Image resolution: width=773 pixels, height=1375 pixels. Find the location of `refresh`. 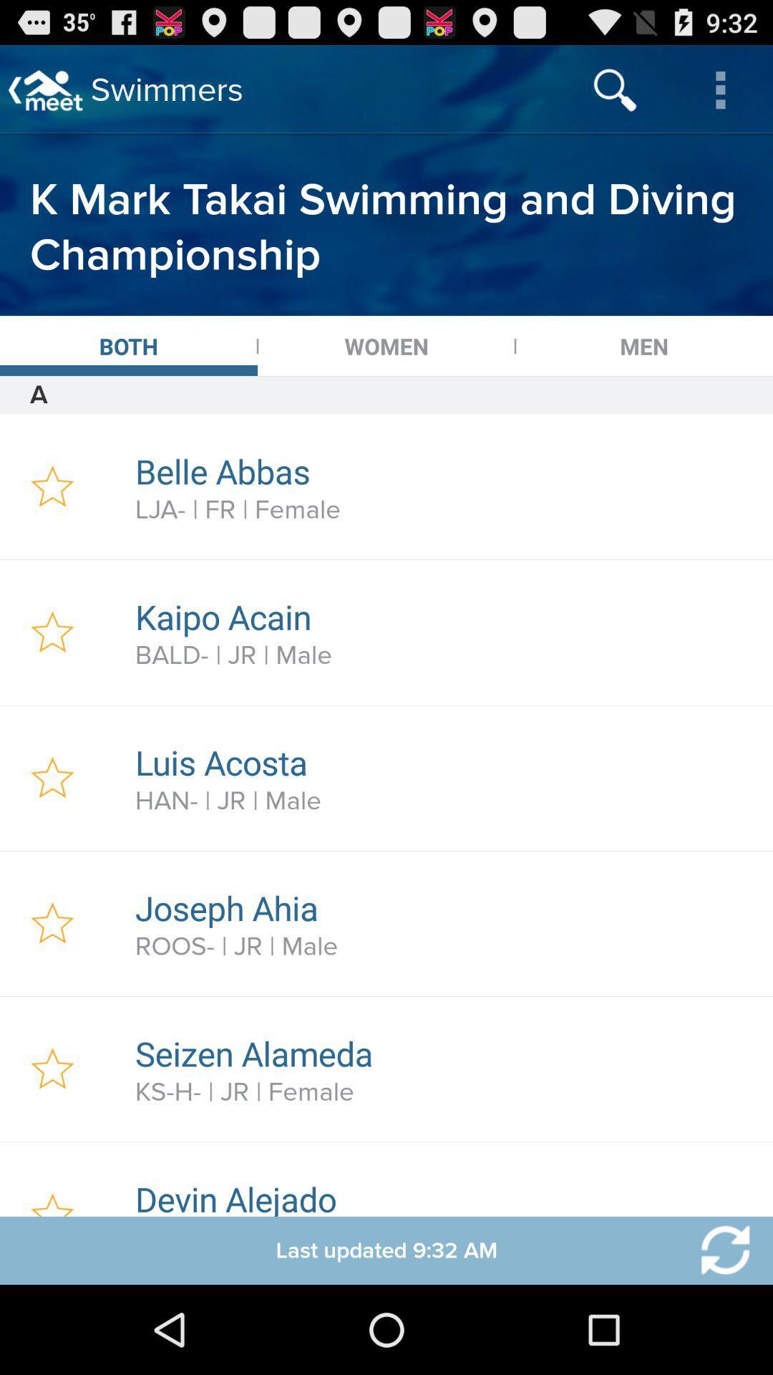

refresh is located at coordinates (716, 1250).